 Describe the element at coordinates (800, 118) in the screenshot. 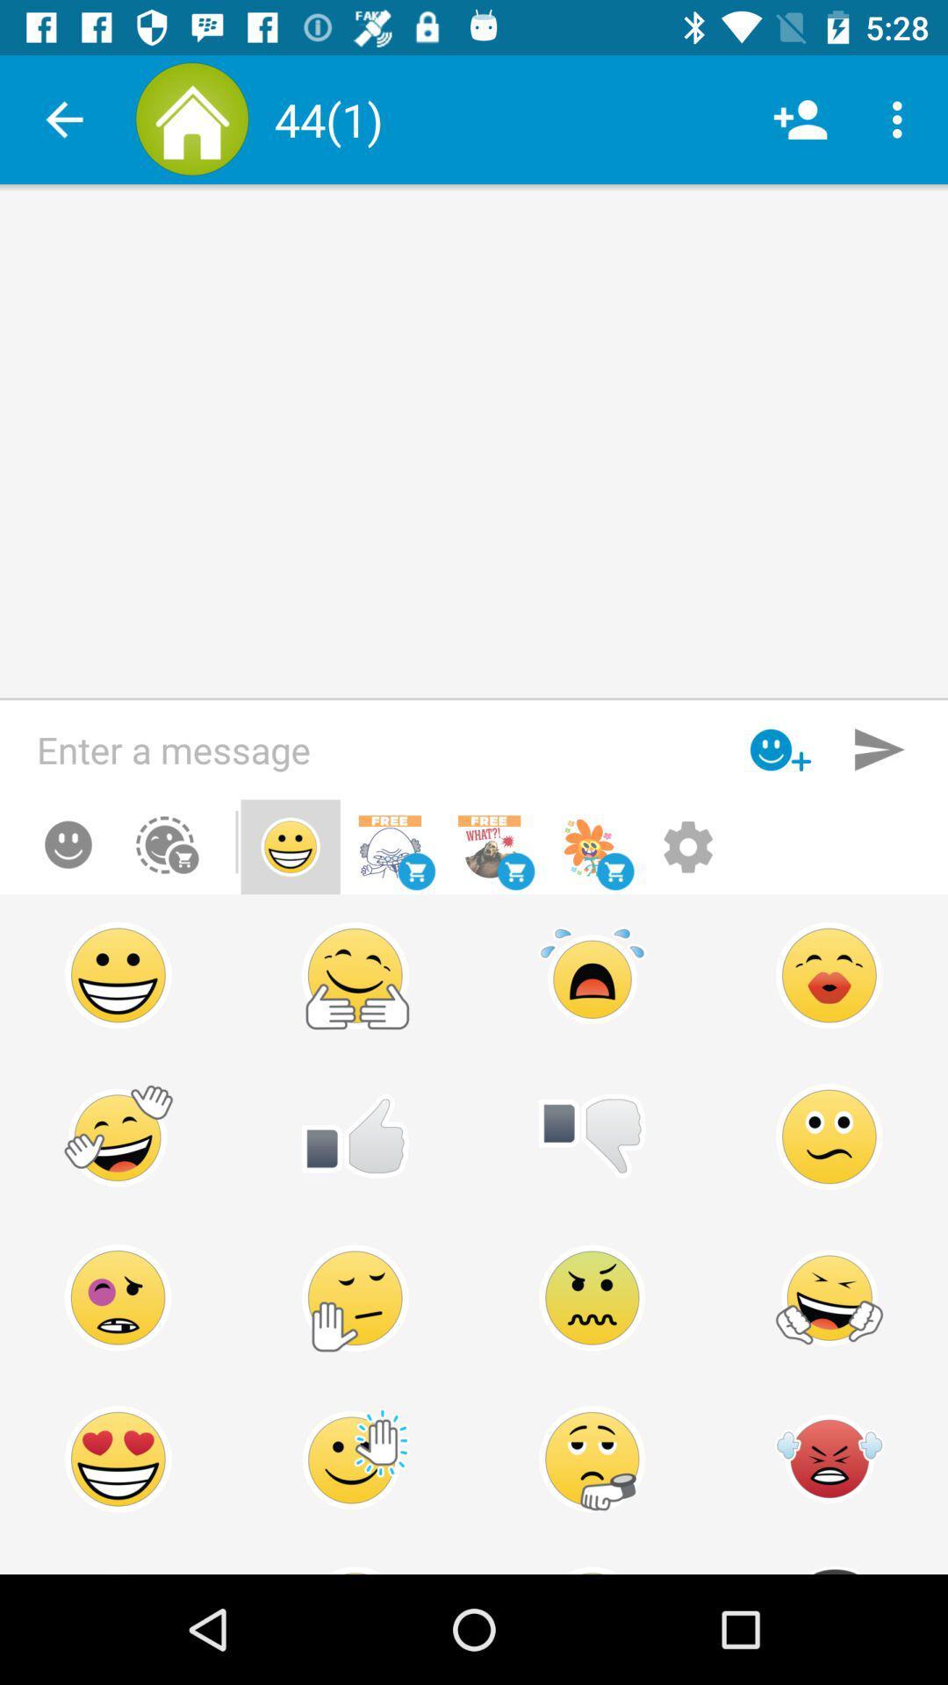

I see `the item to the right of (1)` at that location.